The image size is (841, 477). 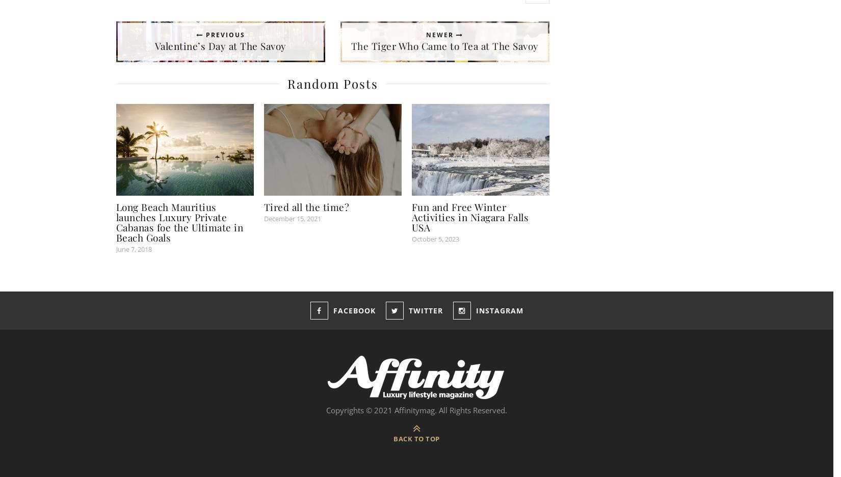 What do you see at coordinates (425, 310) in the screenshot?
I see `'Twitter'` at bounding box center [425, 310].